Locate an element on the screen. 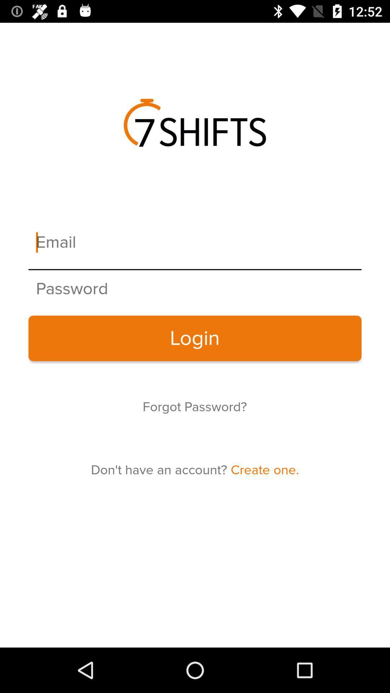  email is located at coordinates (195, 243).